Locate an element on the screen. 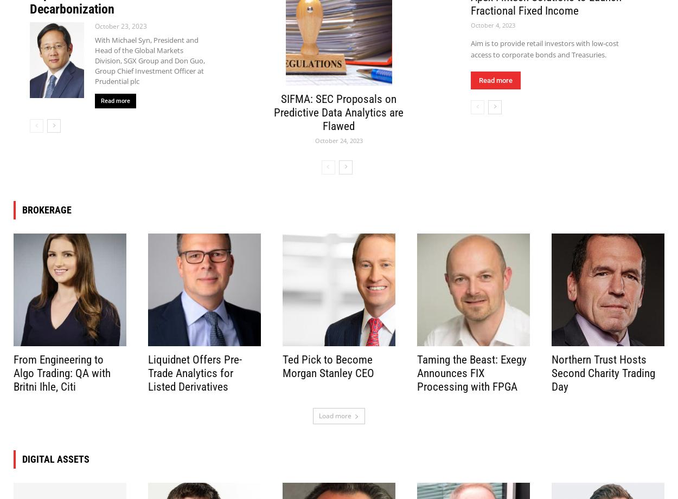  'Brokerage' is located at coordinates (46, 209).